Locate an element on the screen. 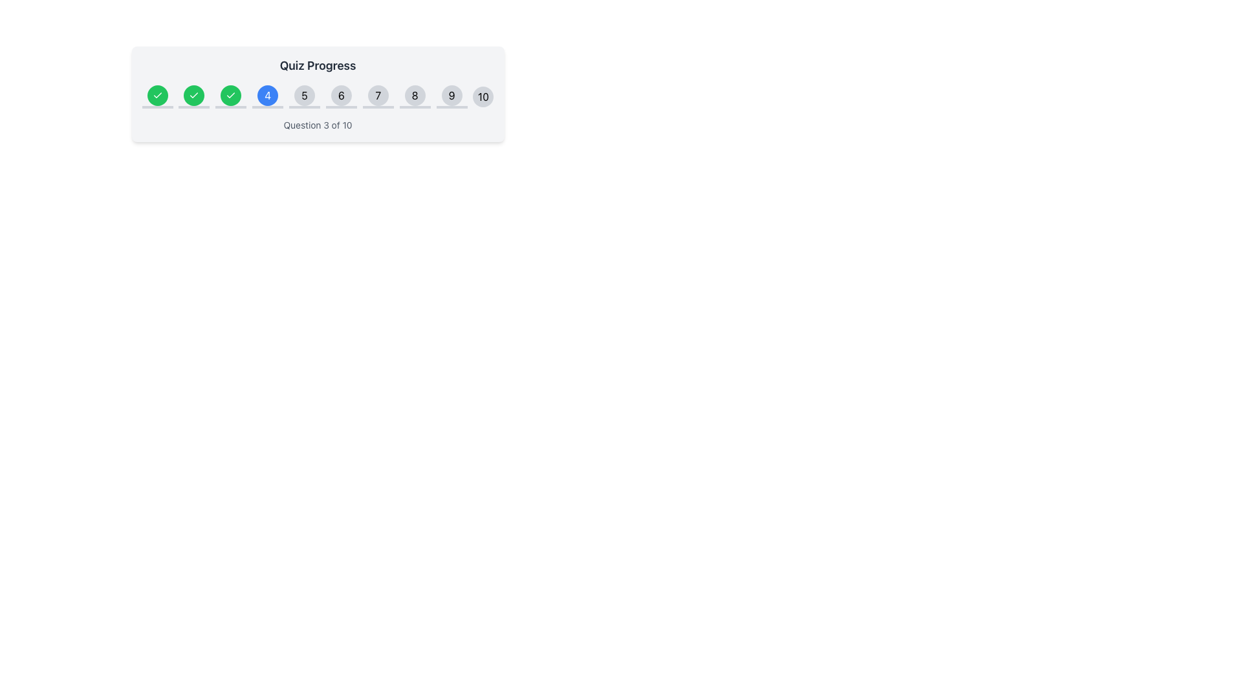  the circular button indicator displaying the number '9' in the quiz progress tracker is located at coordinates (452, 94).